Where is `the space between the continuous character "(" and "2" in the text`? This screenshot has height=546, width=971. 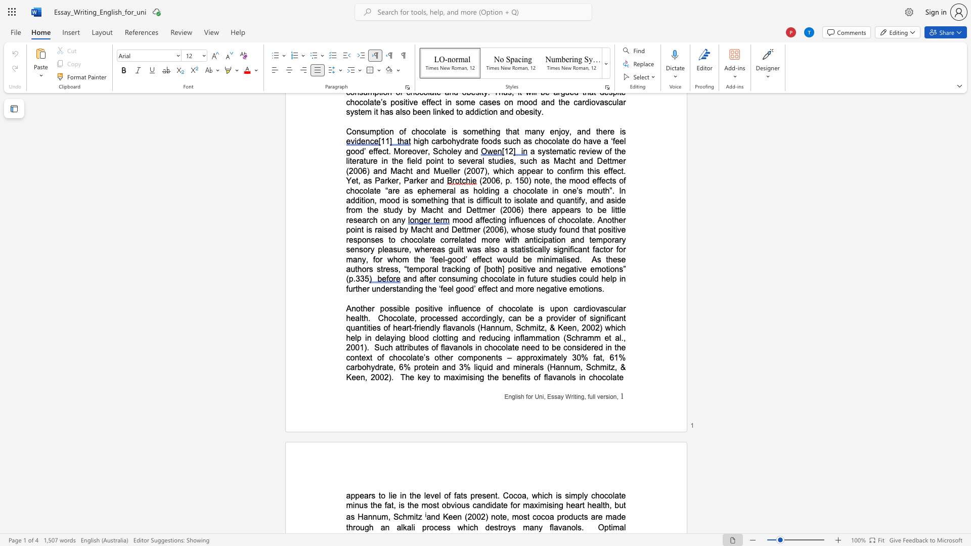
the space between the continuous character "(" and "2" in the text is located at coordinates (467, 517).